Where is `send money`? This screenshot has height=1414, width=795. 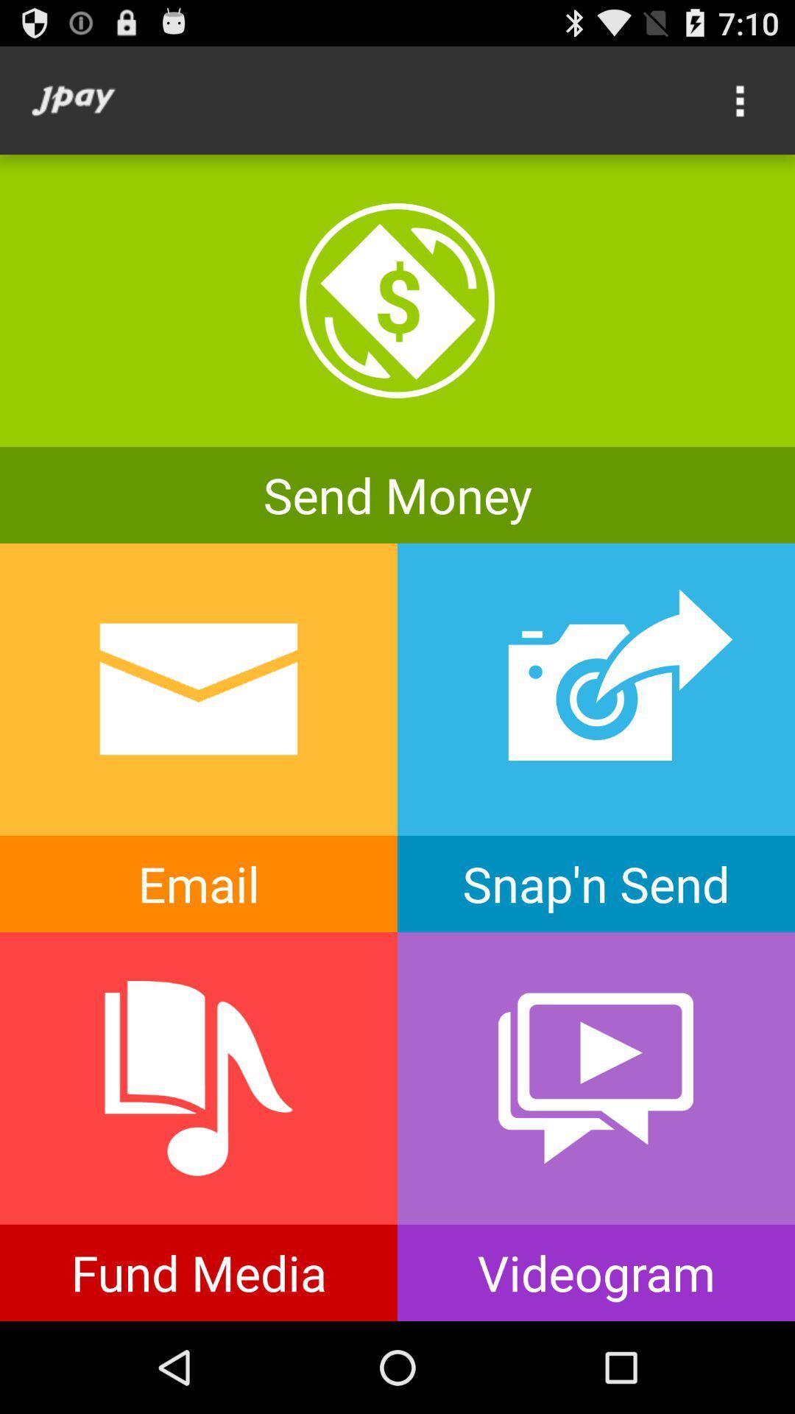
send money is located at coordinates (397, 348).